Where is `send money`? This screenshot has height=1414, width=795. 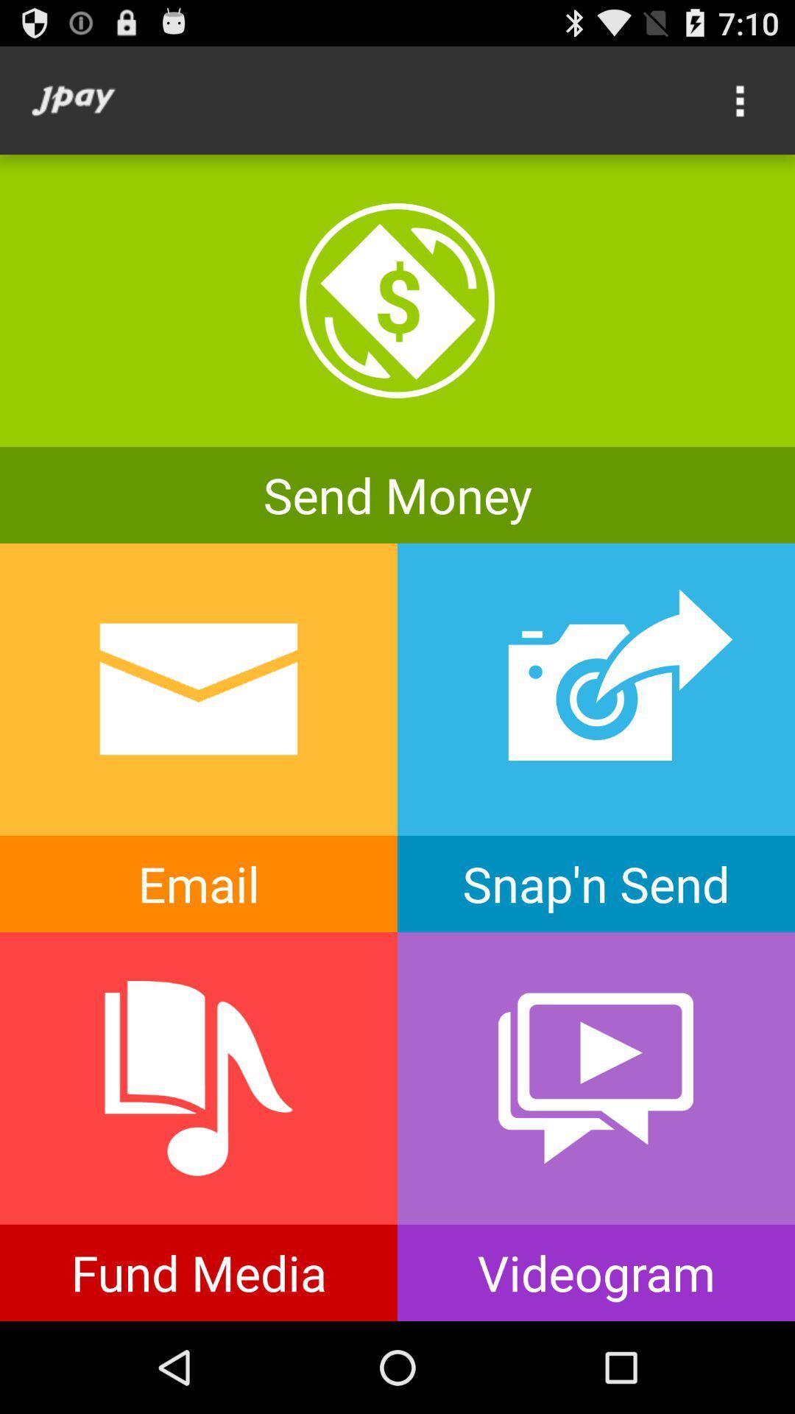
send money is located at coordinates (397, 348).